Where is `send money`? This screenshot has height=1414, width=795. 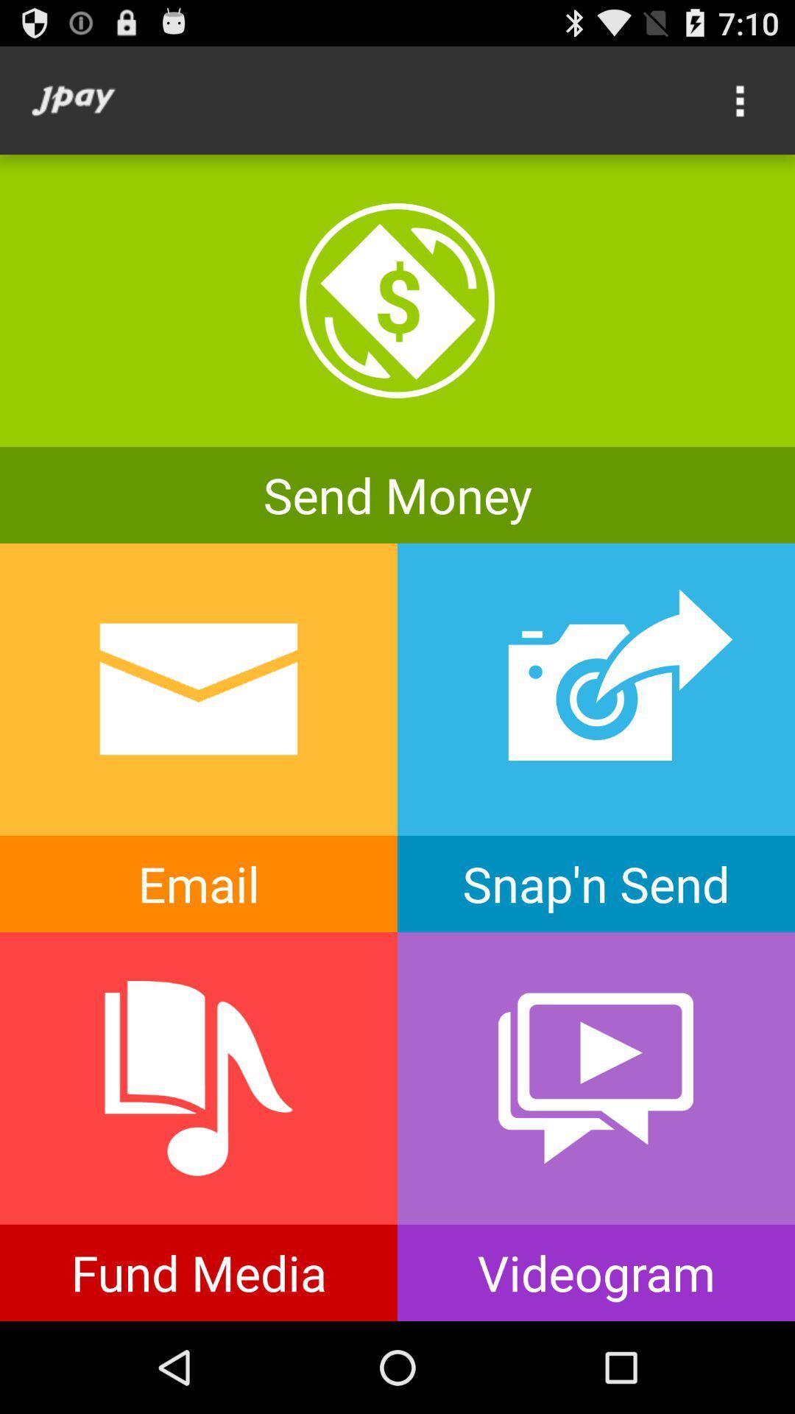
send money is located at coordinates (397, 348).